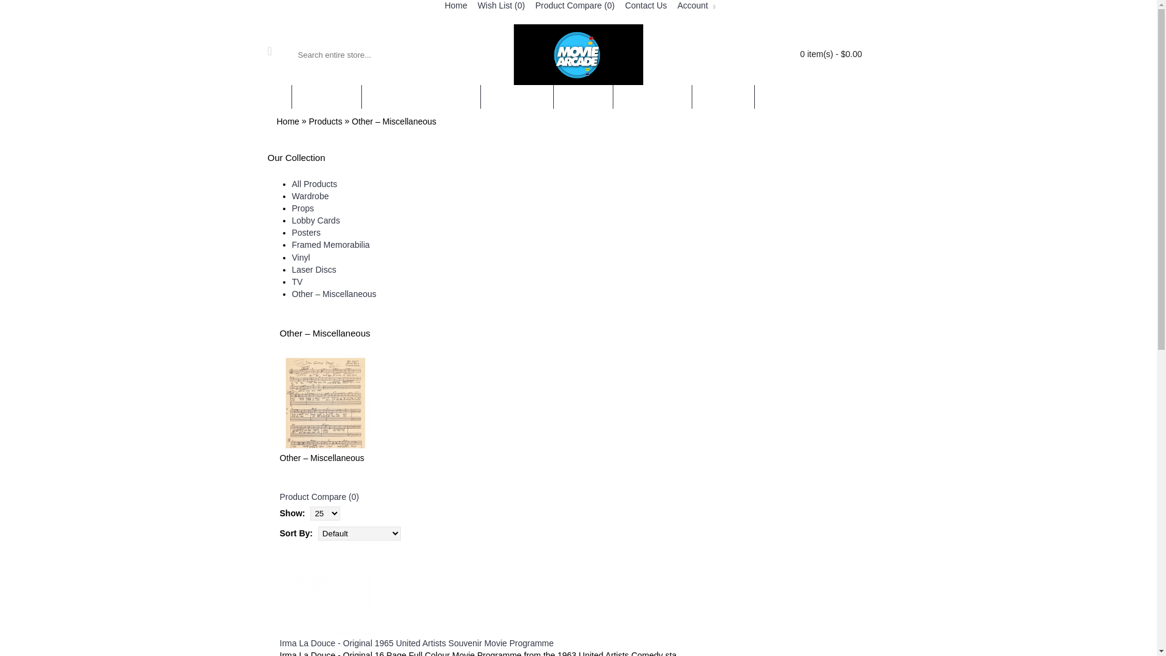 The image size is (1166, 656). I want to click on 'Vinyl', so click(300, 257).